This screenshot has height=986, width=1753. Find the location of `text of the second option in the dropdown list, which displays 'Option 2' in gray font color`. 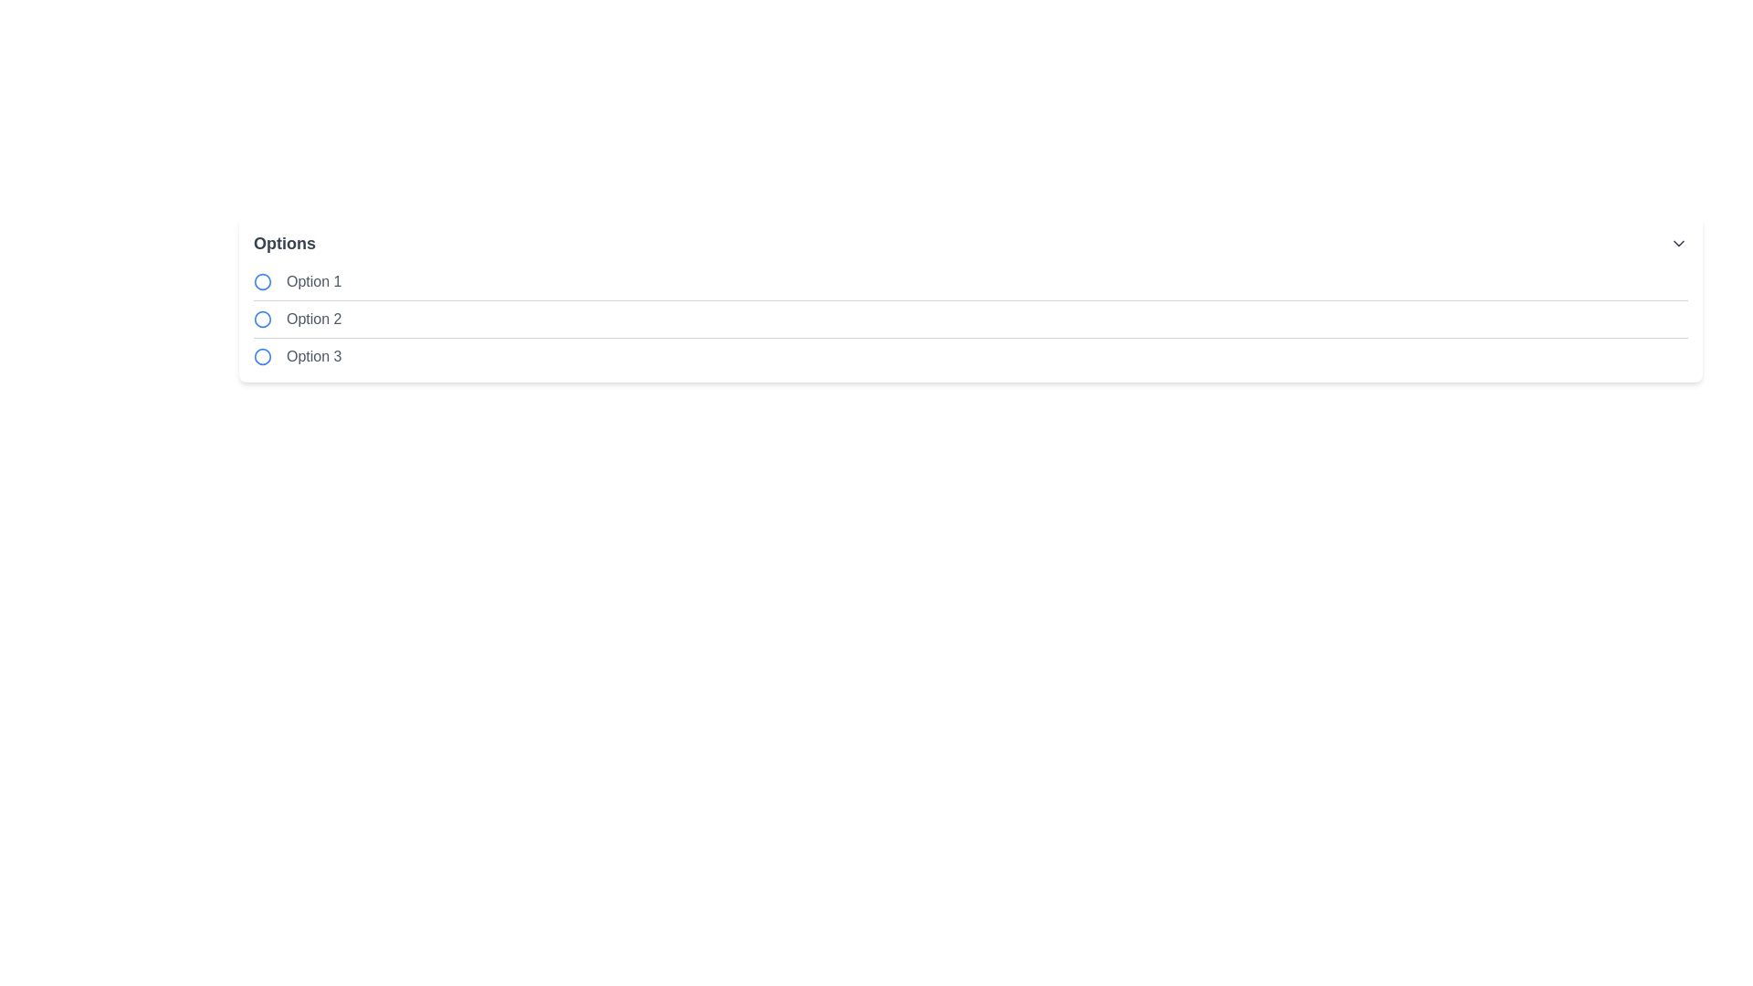

text of the second option in the dropdown list, which displays 'Option 2' in gray font color is located at coordinates (314, 319).